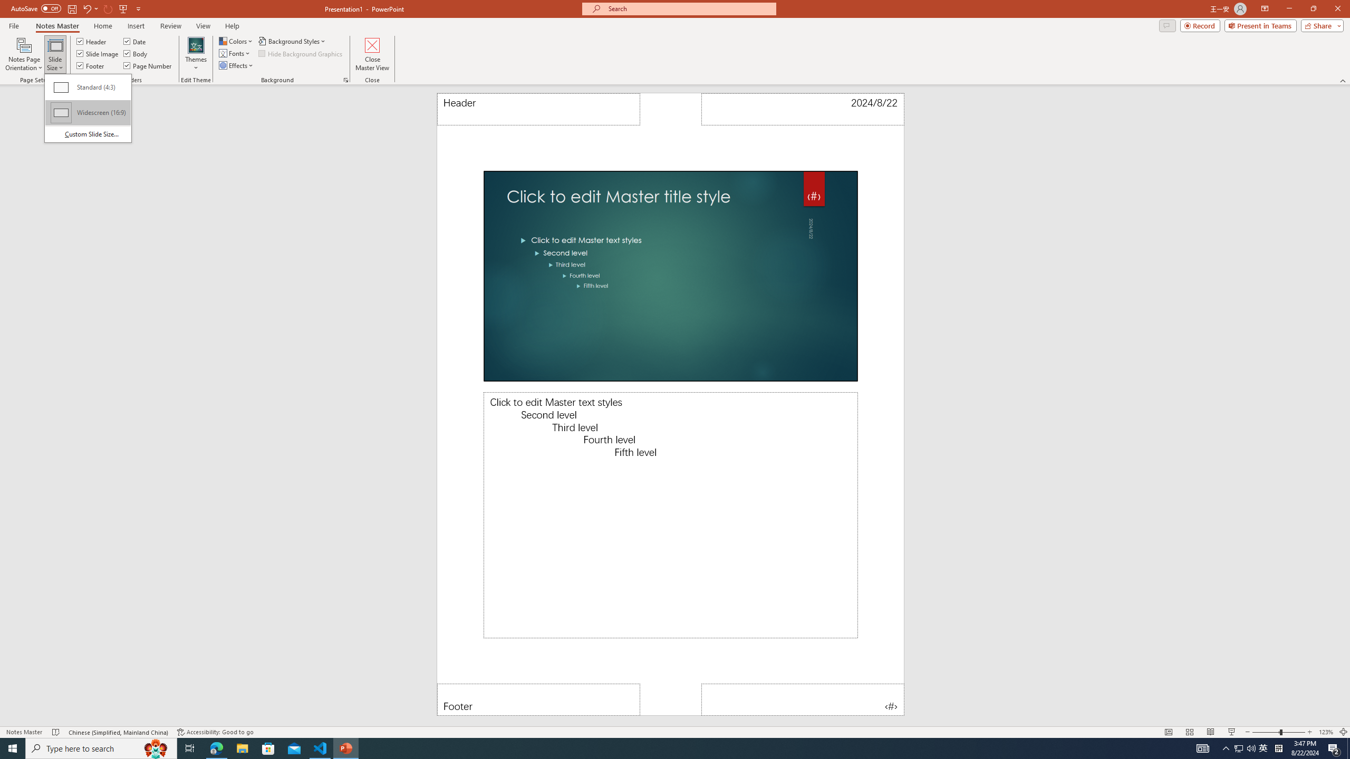 The width and height of the screenshot is (1350, 759). I want to click on 'Zoom 123%', so click(1326, 732).